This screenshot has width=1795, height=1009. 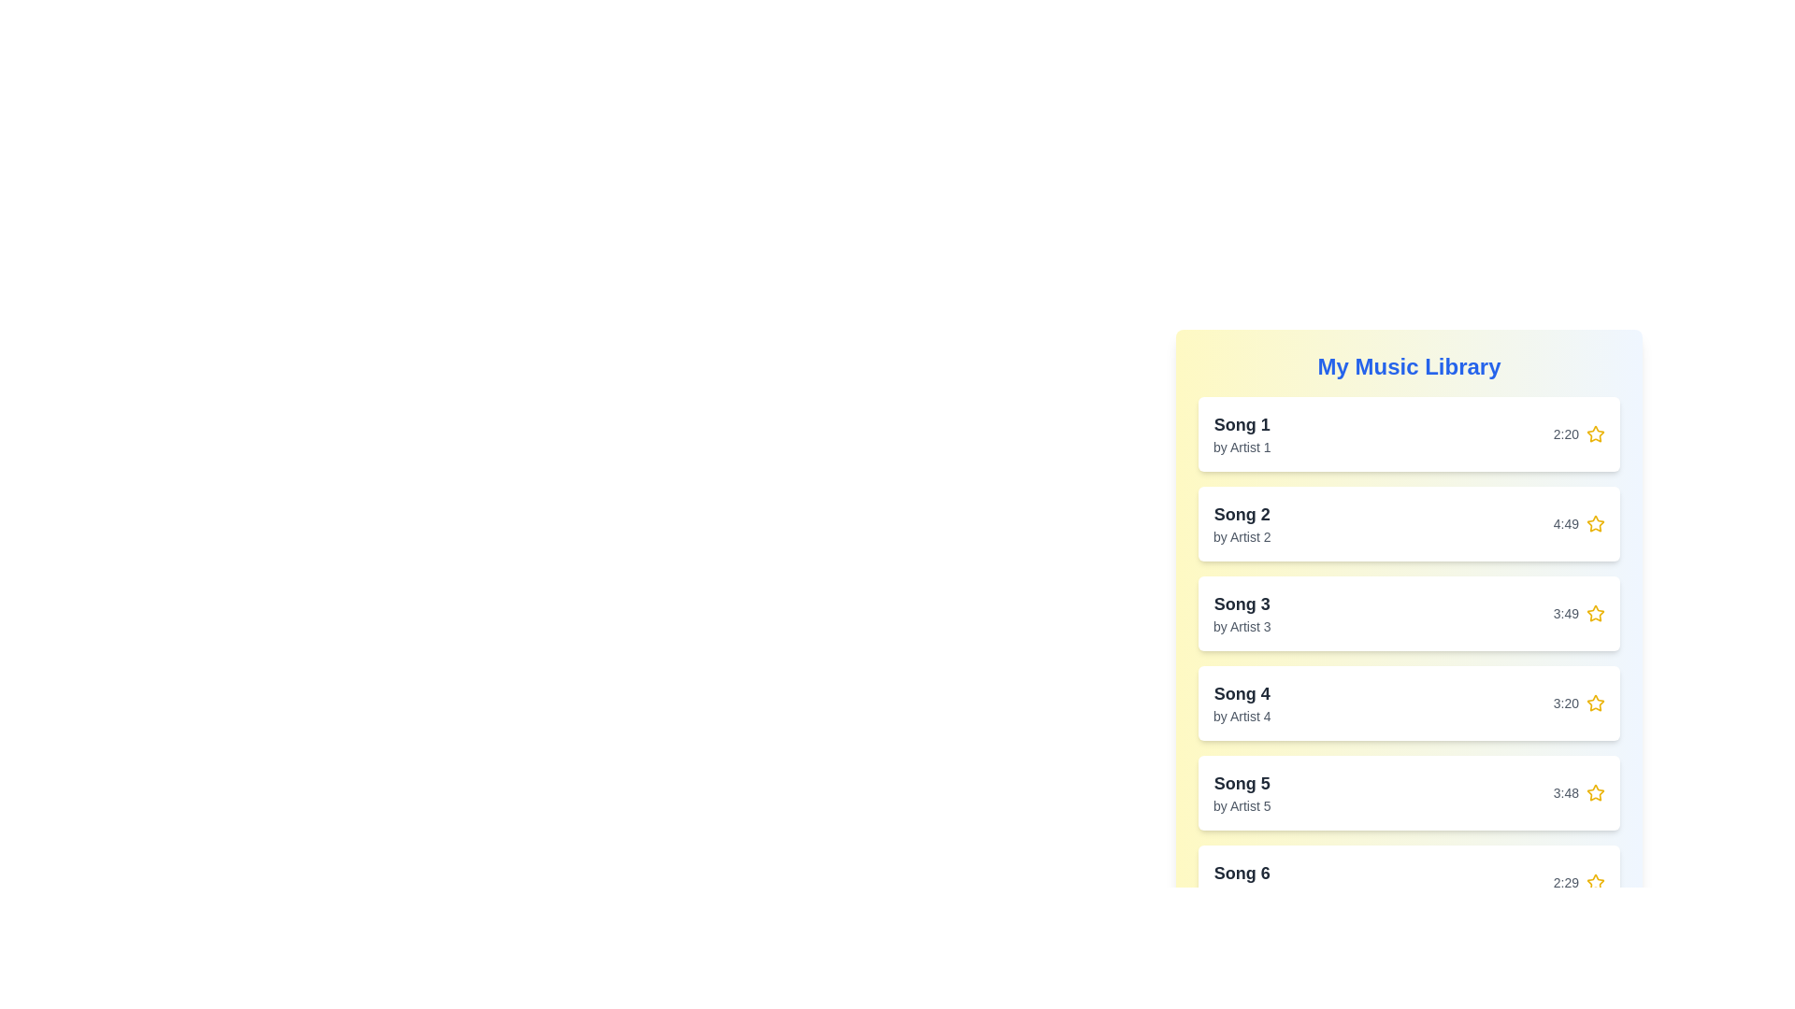 I want to click on the star-shaped outline icon with a yellow outline next to the text '2:29', so click(x=1593, y=882).